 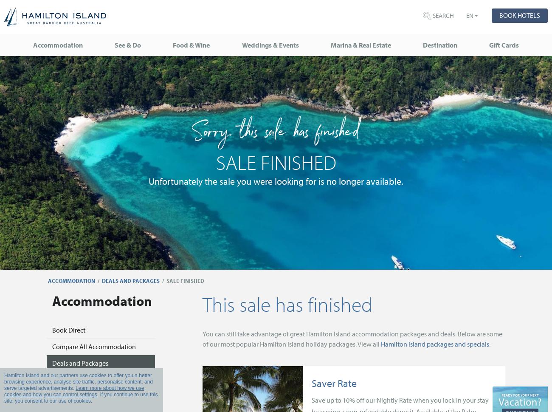 What do you see at coordinates (489, 343) in the screenshot?
I see `'.'` at bounding box center [489, 343].